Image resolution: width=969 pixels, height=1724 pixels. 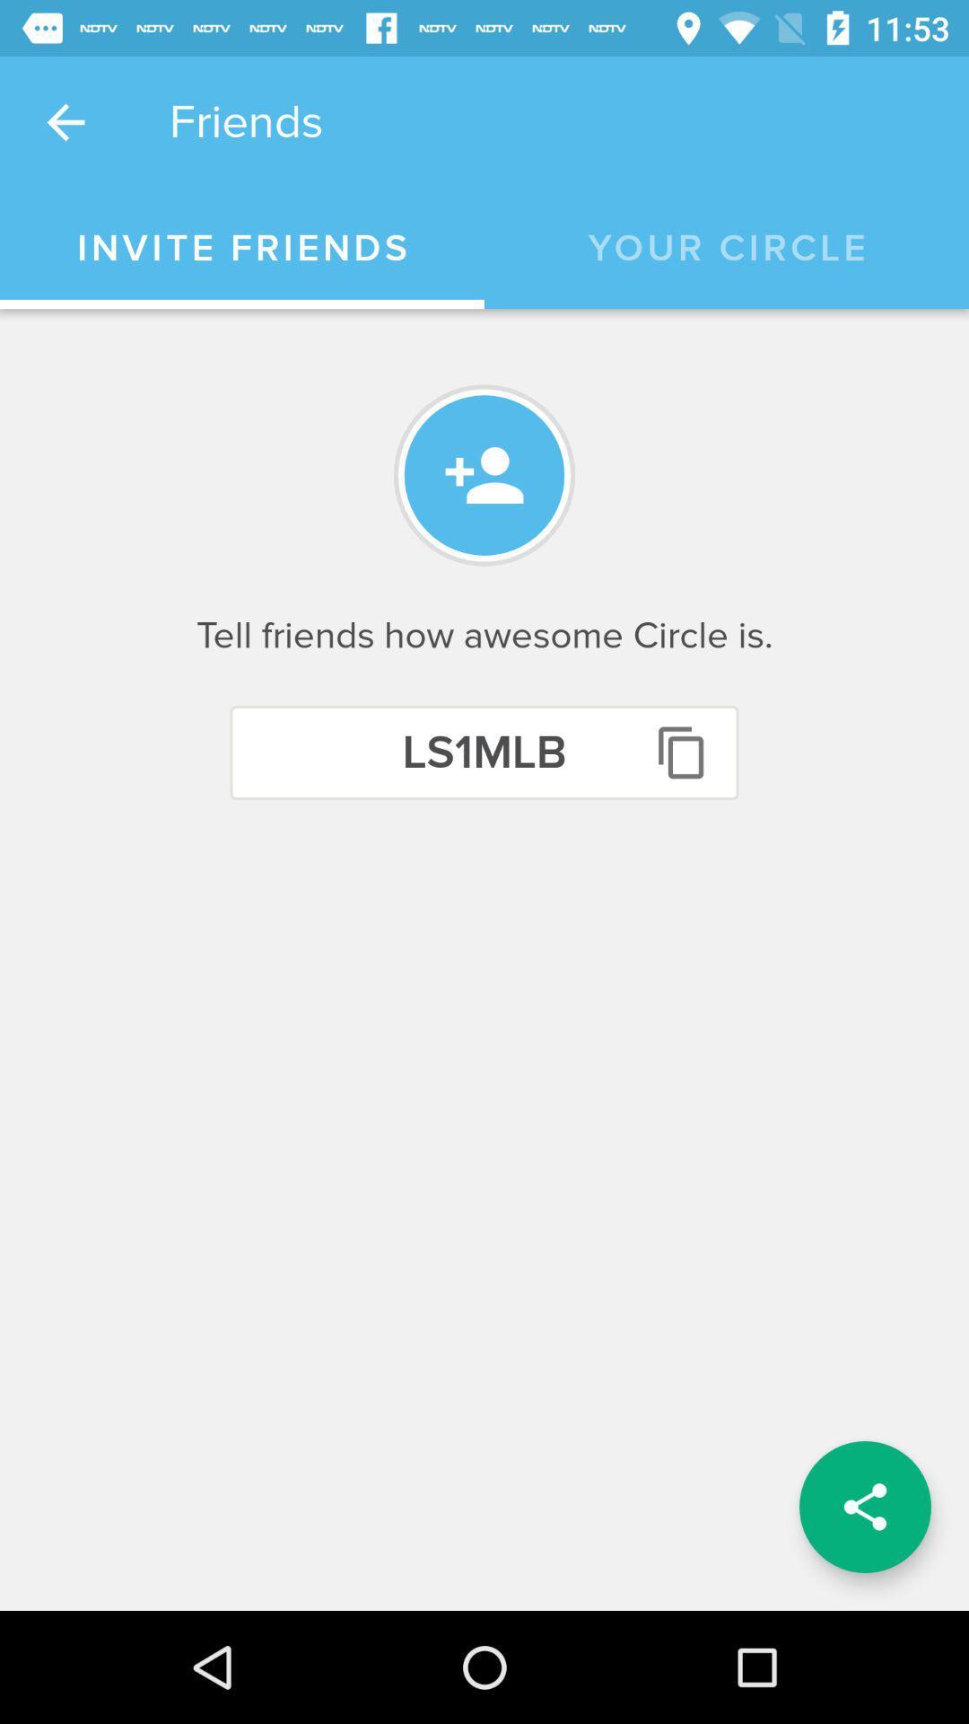 I want to click on ls1mlb item, so click(x=484, y=752).